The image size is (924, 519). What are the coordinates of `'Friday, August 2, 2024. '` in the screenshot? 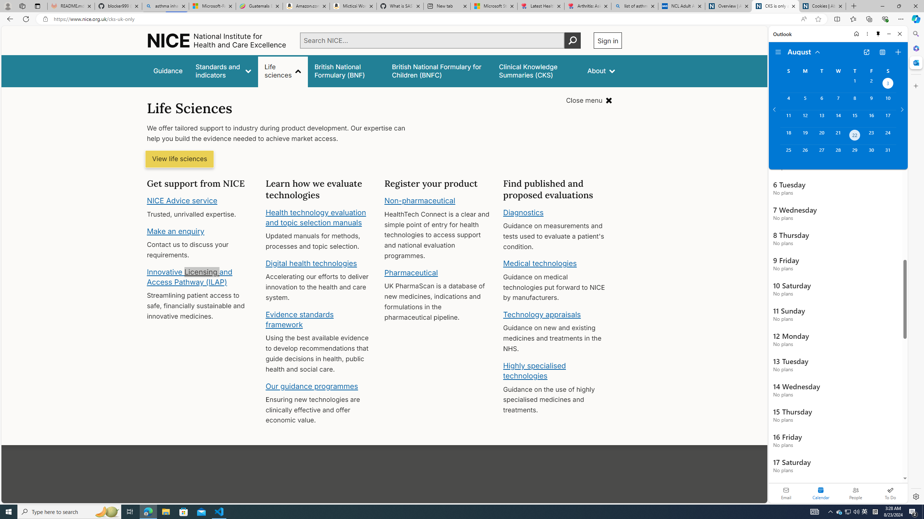 It's located at (871, 84).